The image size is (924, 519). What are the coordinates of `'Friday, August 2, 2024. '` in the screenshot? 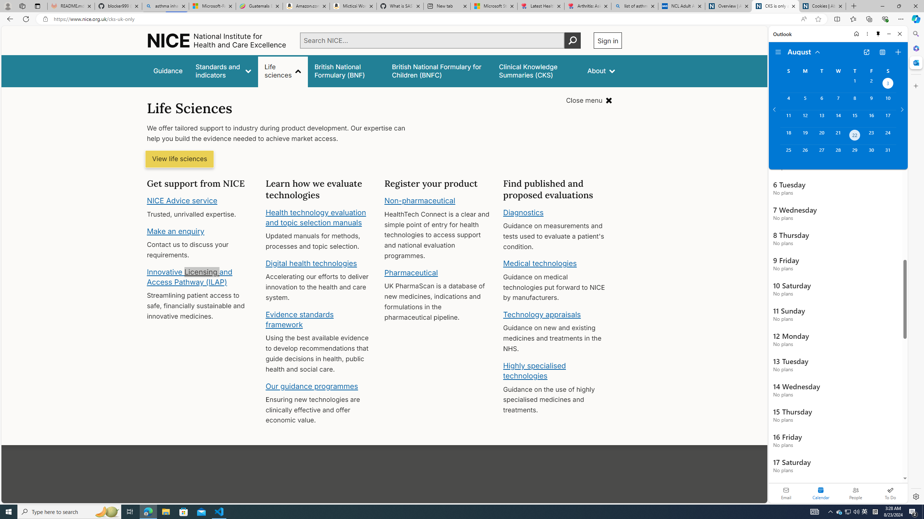 It's located at (871, 84).